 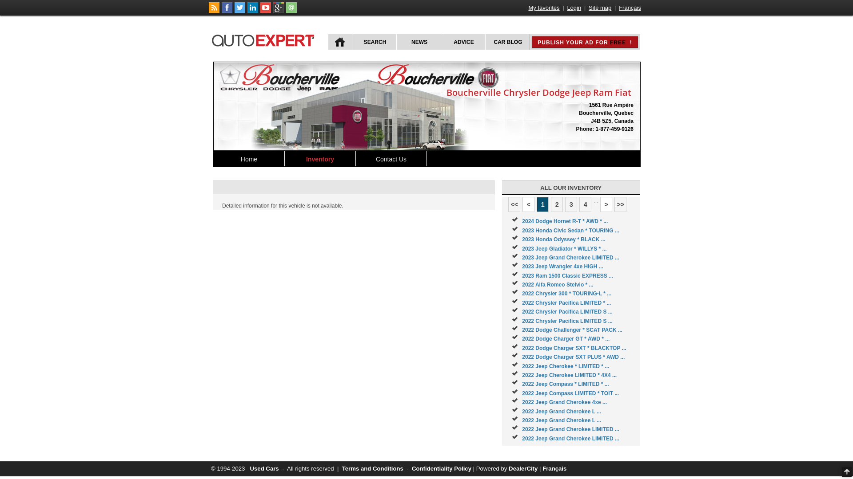 I want to click on '4', so click(x=585, y=204).